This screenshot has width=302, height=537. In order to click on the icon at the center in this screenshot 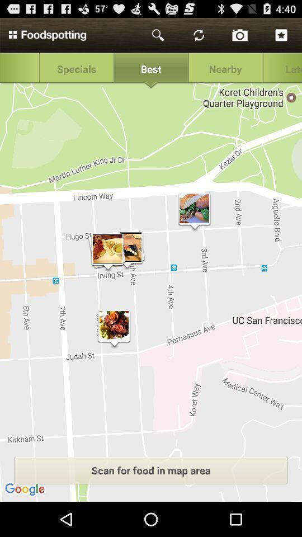, I will do `click(151, 291)`.